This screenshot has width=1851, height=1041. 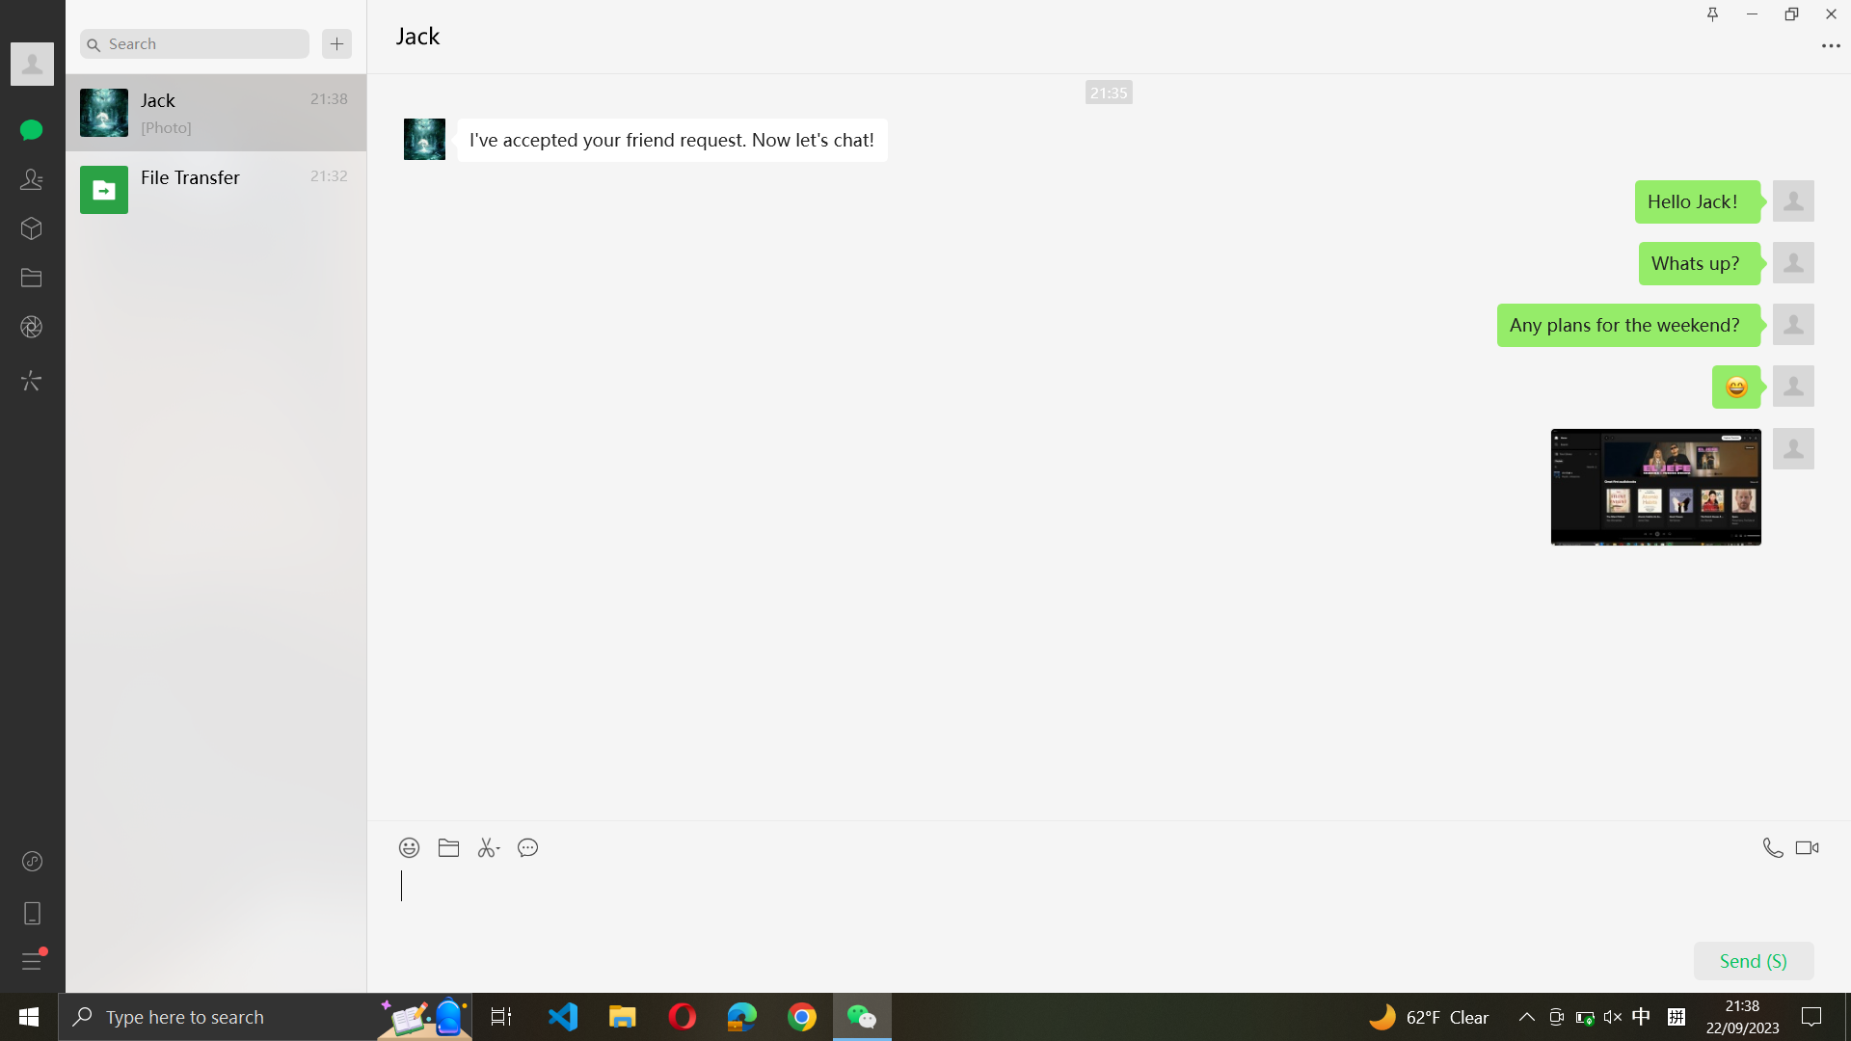 I want to click on Start a video chat with Jack, so click(x=1811, y=842).